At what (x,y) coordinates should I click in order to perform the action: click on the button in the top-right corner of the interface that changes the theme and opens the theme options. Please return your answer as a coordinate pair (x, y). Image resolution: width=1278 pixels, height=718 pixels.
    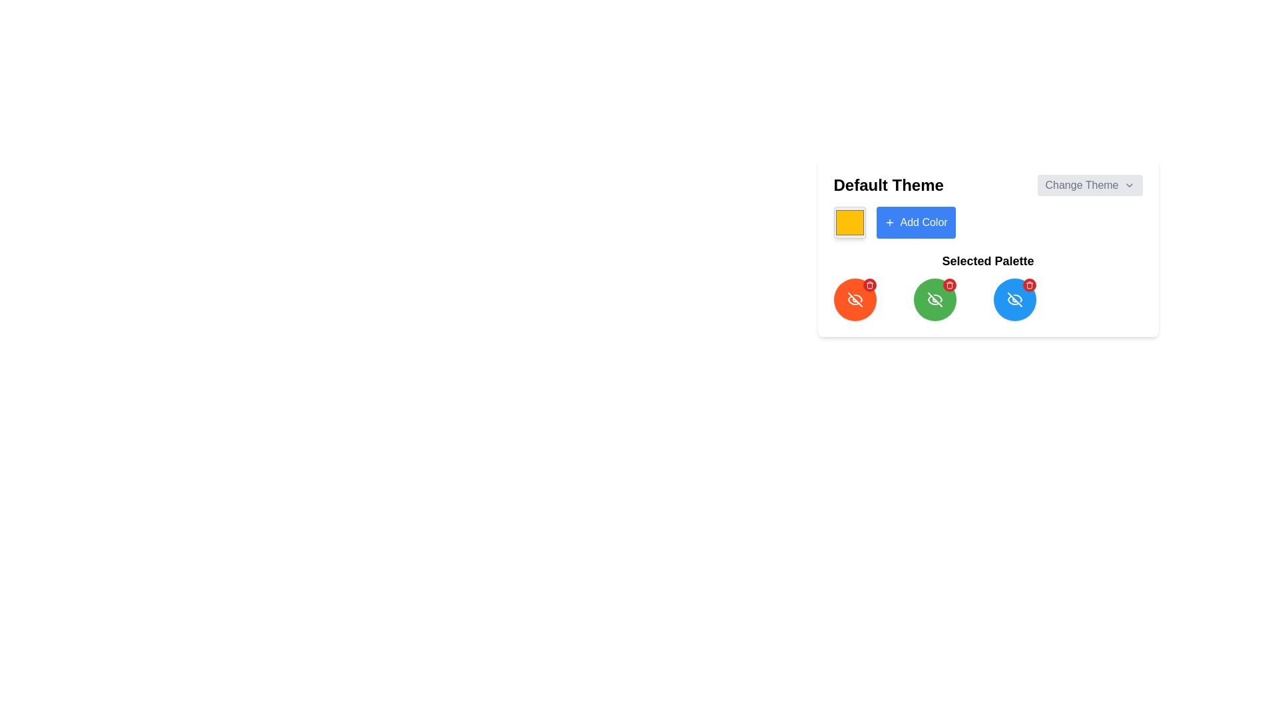
    Looking at the image, I should click on (1090, 185).